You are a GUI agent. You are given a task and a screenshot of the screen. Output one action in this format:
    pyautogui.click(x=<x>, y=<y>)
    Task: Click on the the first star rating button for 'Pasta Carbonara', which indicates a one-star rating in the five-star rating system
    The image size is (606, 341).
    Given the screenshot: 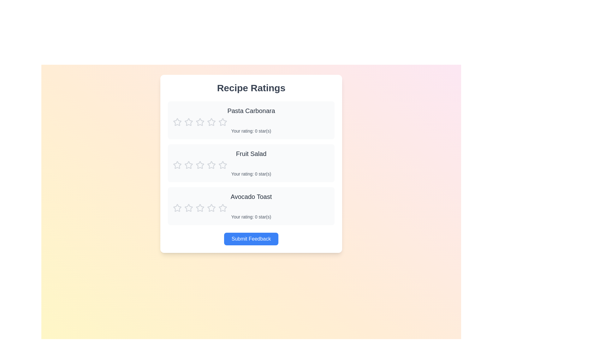 What is the action you would take?
    pyautogui.click(x=177, y=122)
    